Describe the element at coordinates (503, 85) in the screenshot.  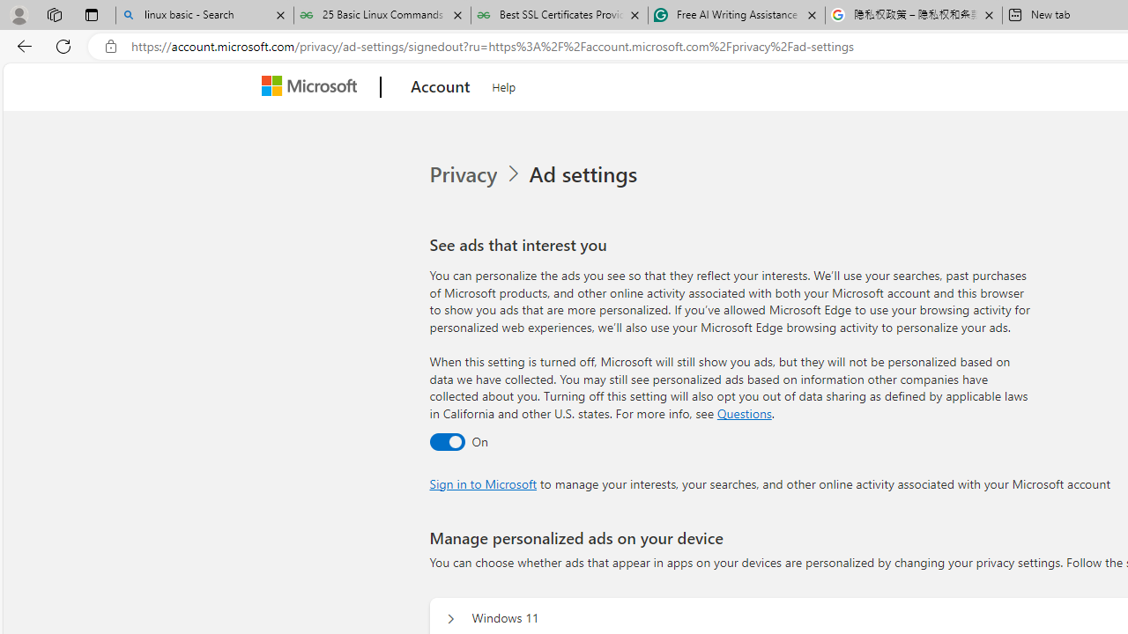
I see `'Help'` at that location.